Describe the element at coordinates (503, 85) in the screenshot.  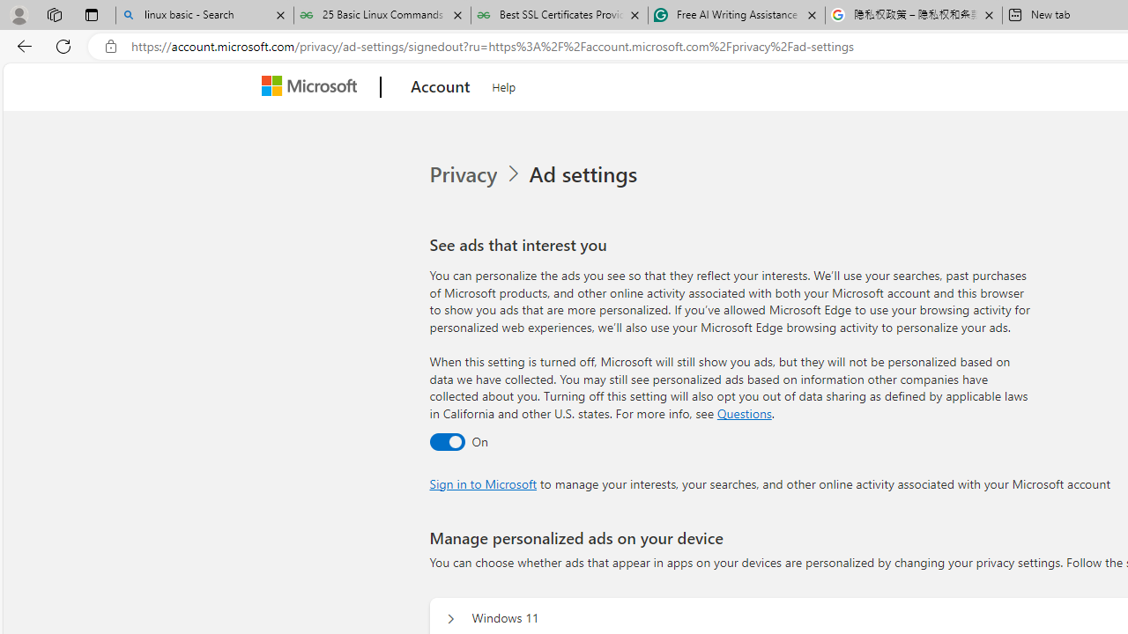
I see `'Help'` at that location.